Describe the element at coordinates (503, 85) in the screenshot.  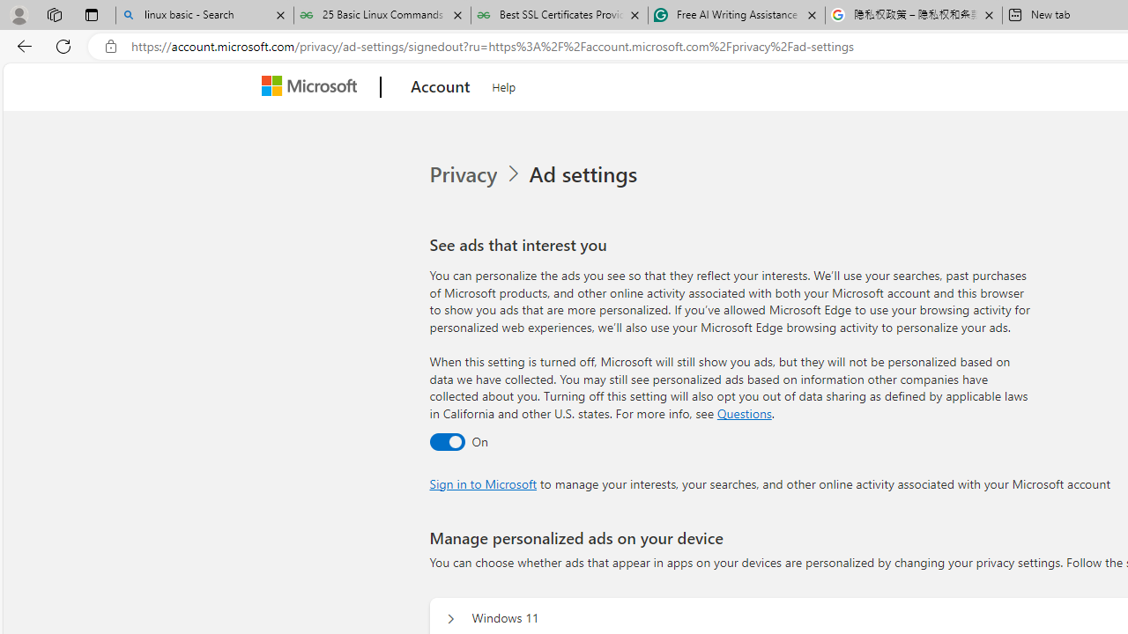
I see `'Help'` at that location.